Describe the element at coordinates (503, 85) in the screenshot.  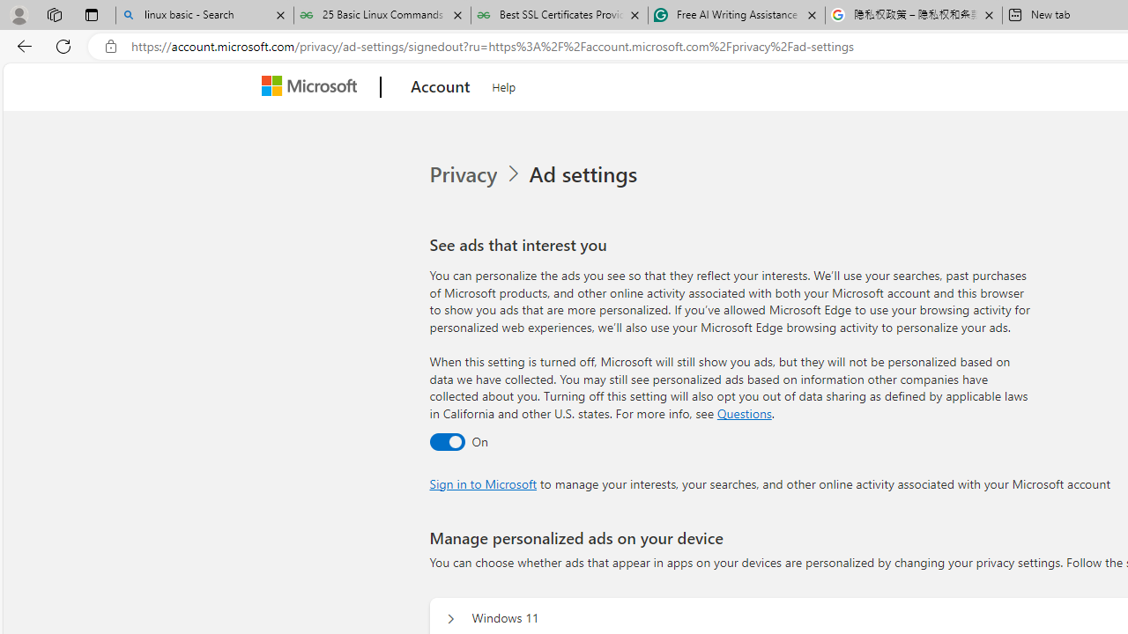
I see `'Help'` at that location.